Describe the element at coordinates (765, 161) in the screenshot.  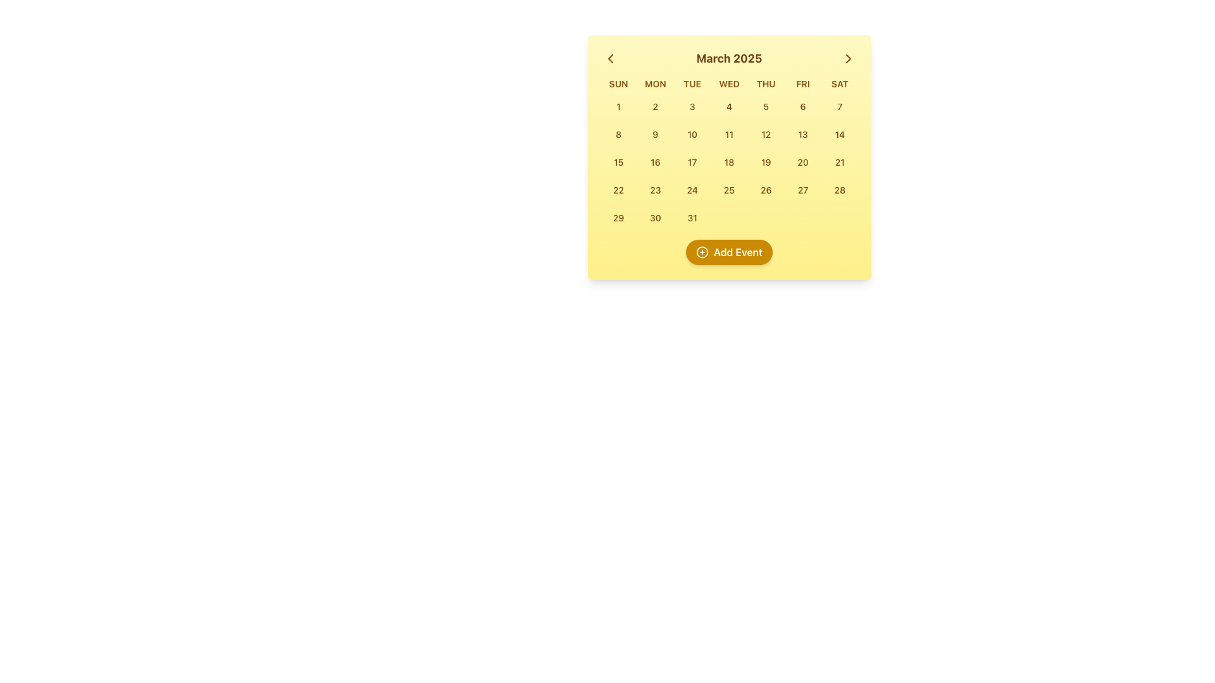
I see `the date '19'` at that location.